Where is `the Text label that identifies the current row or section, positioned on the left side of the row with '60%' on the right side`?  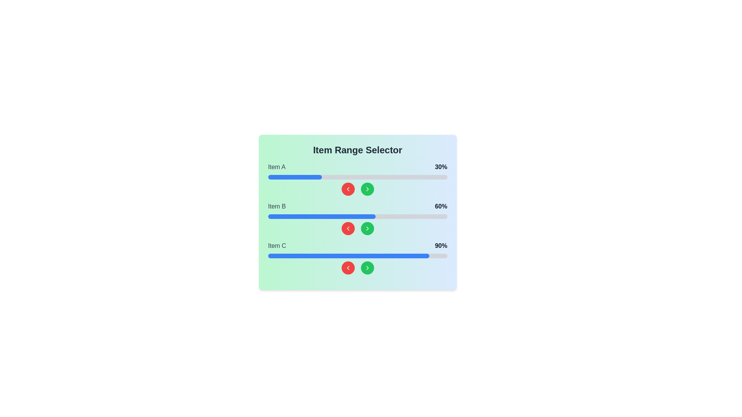
the Text label that identifies the current row or section, positioned on the left side of the row with '60%' on the right side is located at coordinates (277, 206).